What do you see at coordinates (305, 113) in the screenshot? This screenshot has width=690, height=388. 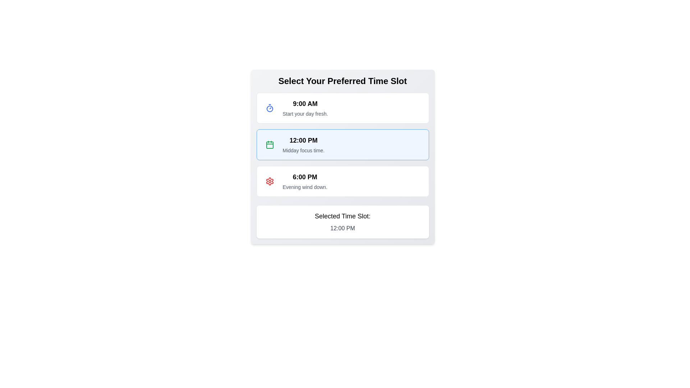 I see `the text label providing additional context for the time slot '9:00 AM', located directly beneath it in the selection interface` at bounding box center [305, 113].